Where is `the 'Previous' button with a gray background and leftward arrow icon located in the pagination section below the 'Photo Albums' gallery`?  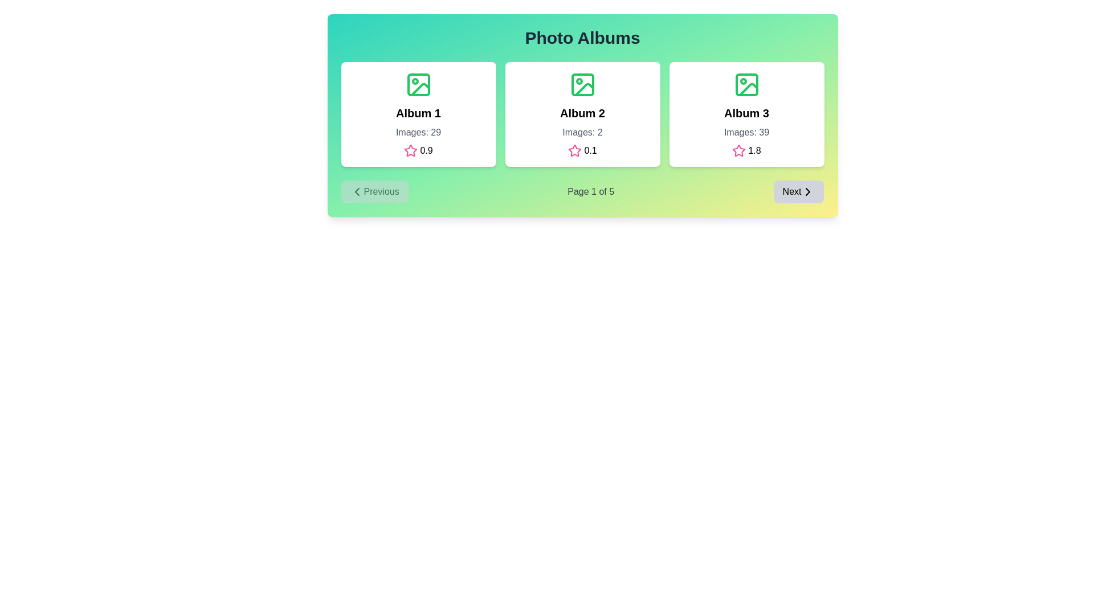
the 'Previous' button with a gray background and leftward arrow icon located in the pagination section below the 'Photo Albums' gallery is located at coordinates (374, 191).